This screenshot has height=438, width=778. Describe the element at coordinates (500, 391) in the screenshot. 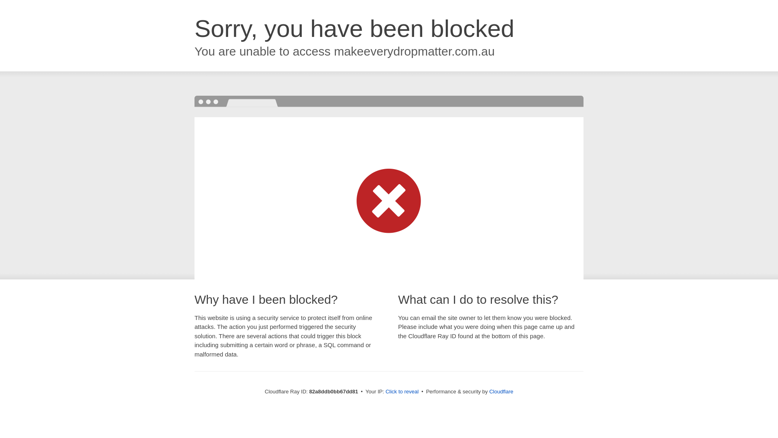

I see `'Cloudflare'` at that location.